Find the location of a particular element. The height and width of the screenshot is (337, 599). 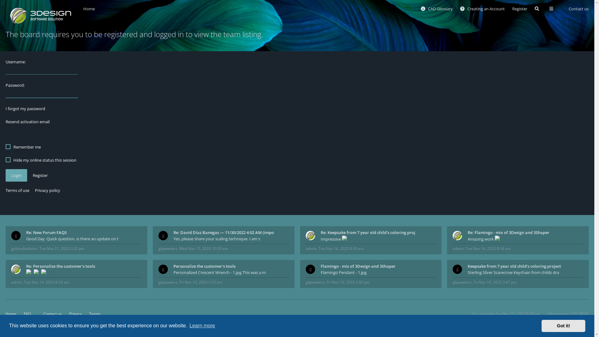

'Flamingo - mix of 3Design and 3Shaper' is located at coordinates (320, 266).